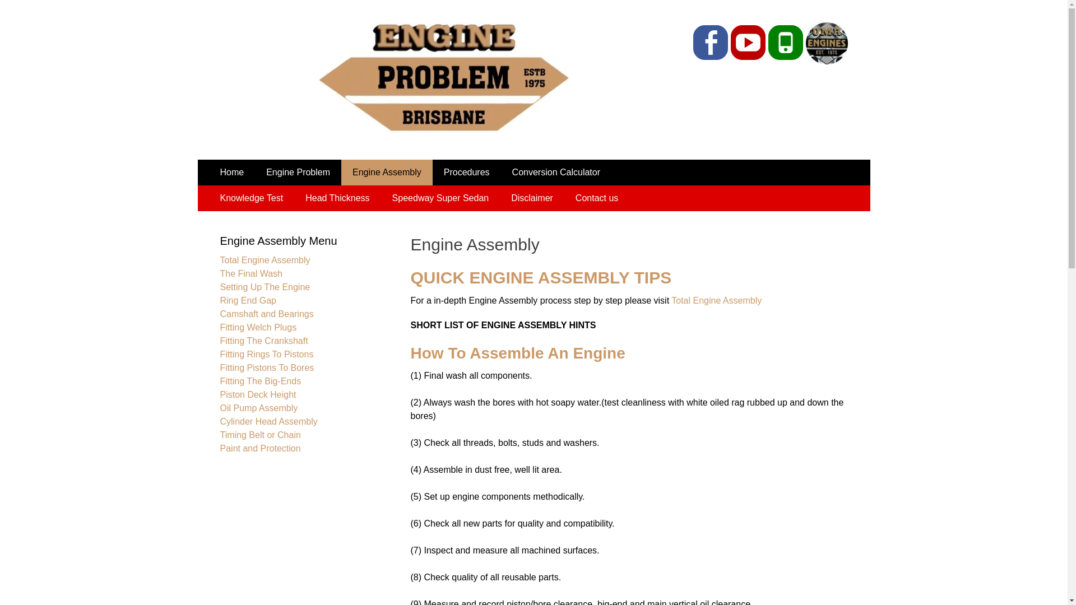  Describe the element at coordinates (250, 273) in the screenshot. I see `'The Final Wash'` at that location.